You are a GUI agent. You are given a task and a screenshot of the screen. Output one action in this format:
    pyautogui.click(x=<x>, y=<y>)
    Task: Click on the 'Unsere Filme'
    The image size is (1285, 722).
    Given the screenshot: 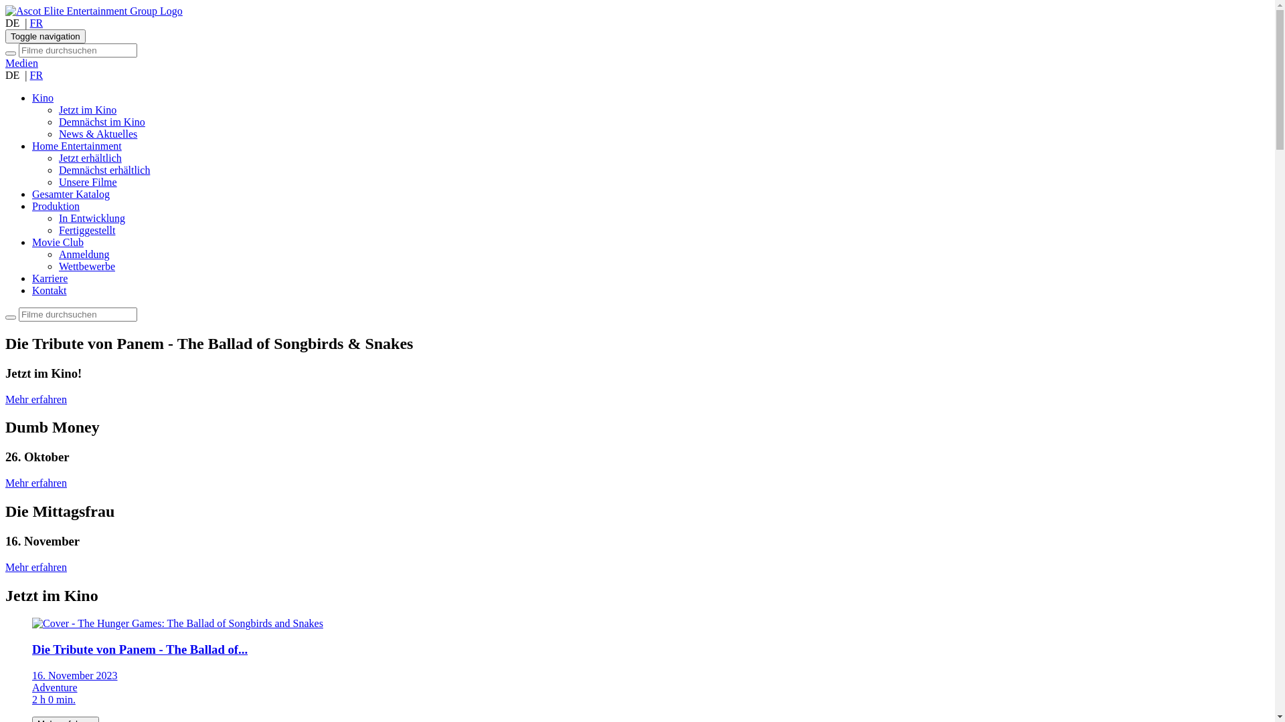 What is the action you would take?
    pyautogui.click(x=87, y=182)
    